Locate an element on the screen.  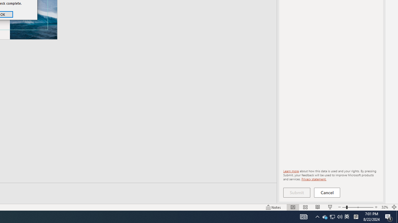
'Submit' is located at coordinates (296, 192).